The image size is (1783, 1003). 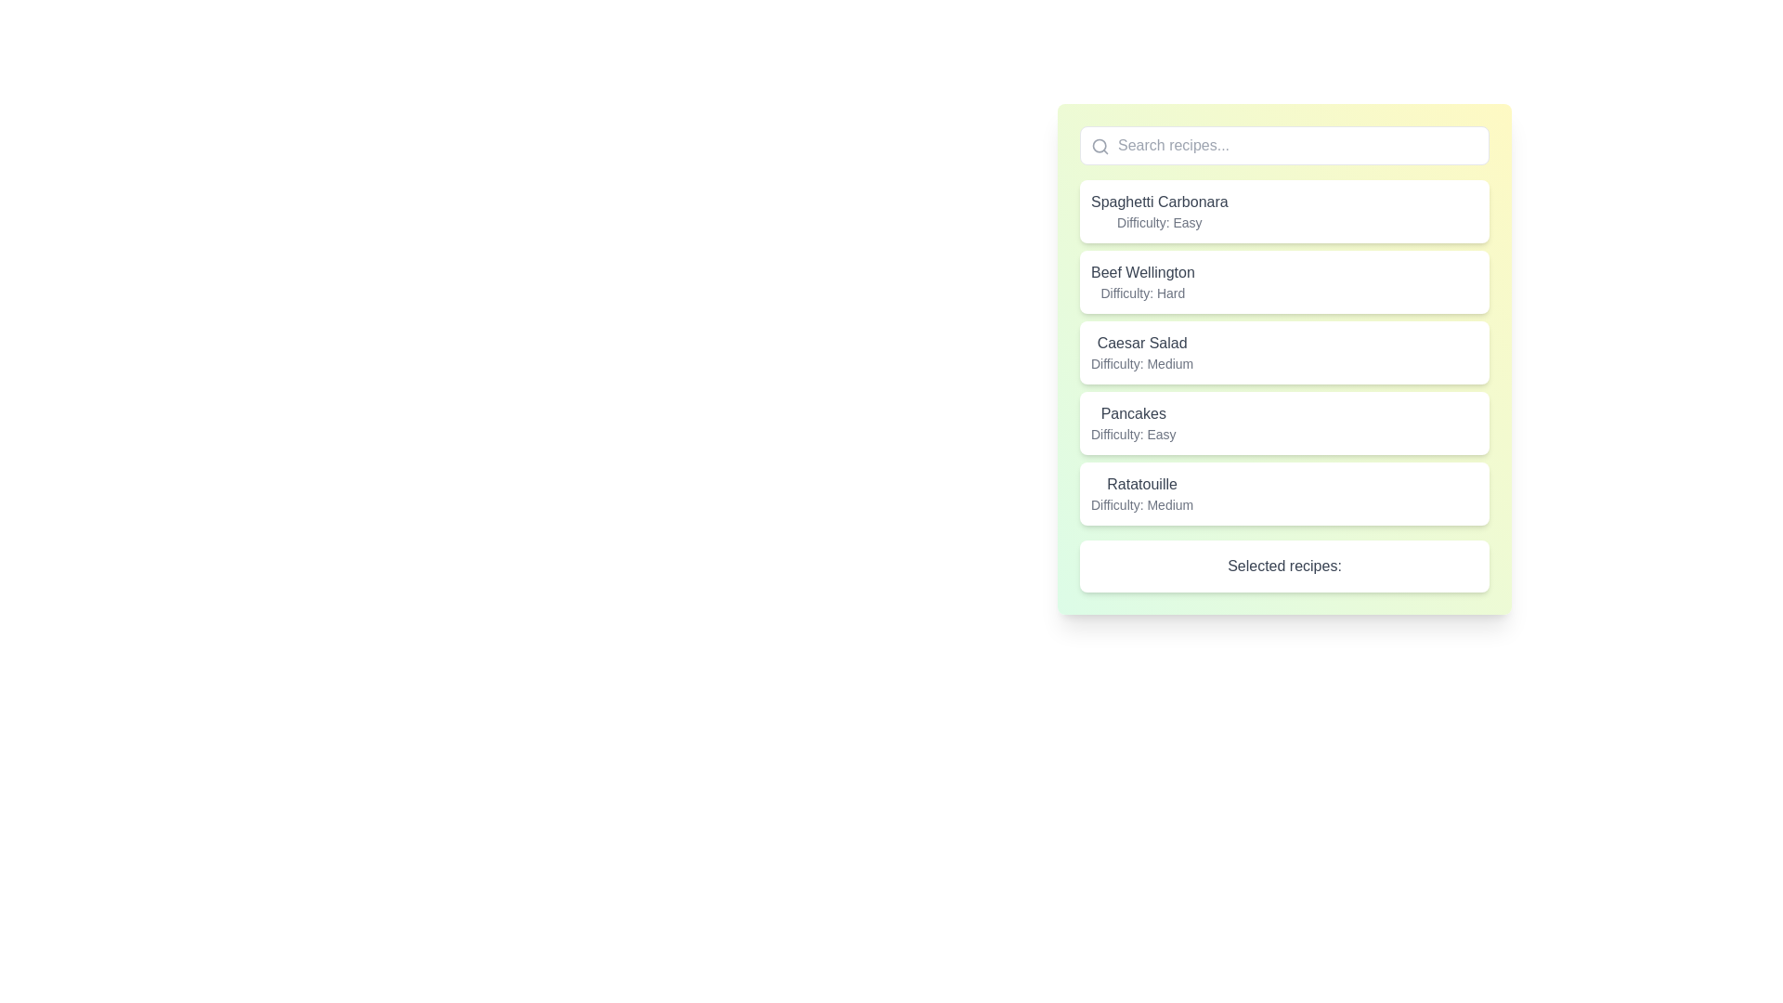 I want to click on the selectable list item labeled 'Beef Wellington' with difficulty 'Hard', so click(x=1283, y=282).